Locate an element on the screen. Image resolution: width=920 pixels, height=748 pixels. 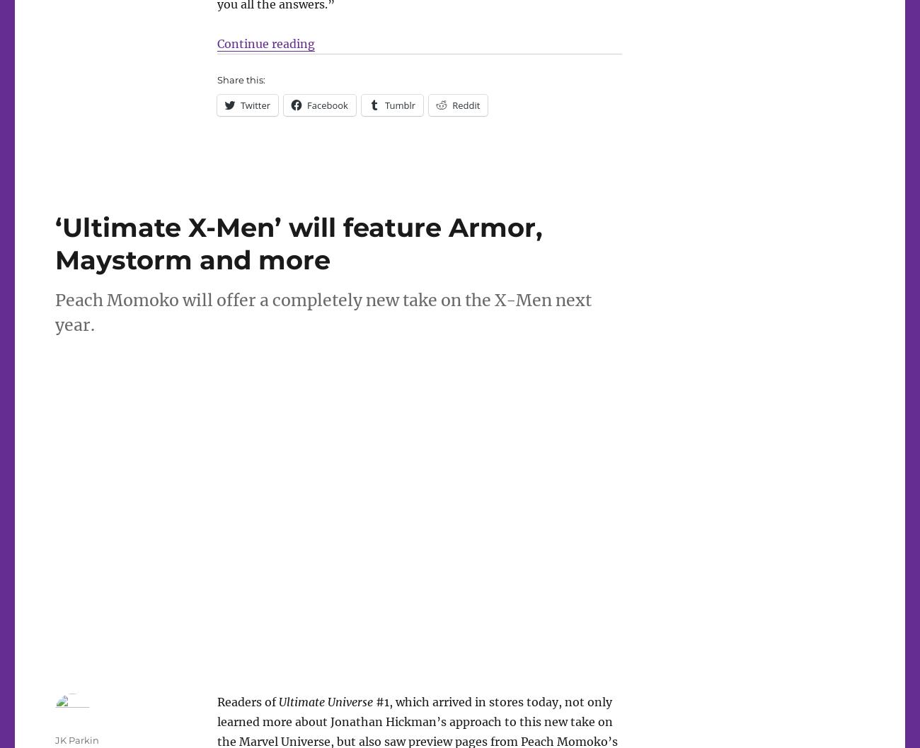
'Share this:' is located at coordinates (239, 78).